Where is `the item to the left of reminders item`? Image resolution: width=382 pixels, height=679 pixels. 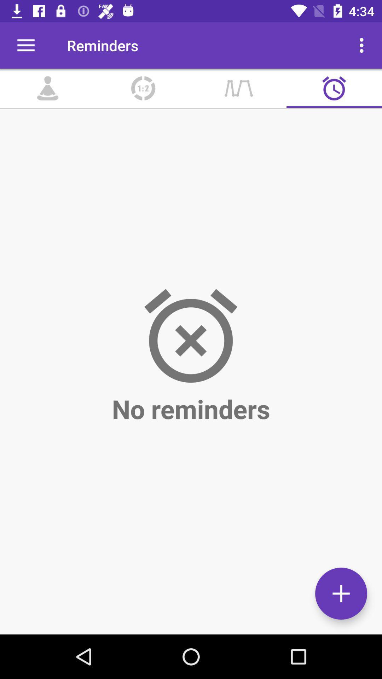
the item to the left of reminders item is located at coordinates (25, 45).